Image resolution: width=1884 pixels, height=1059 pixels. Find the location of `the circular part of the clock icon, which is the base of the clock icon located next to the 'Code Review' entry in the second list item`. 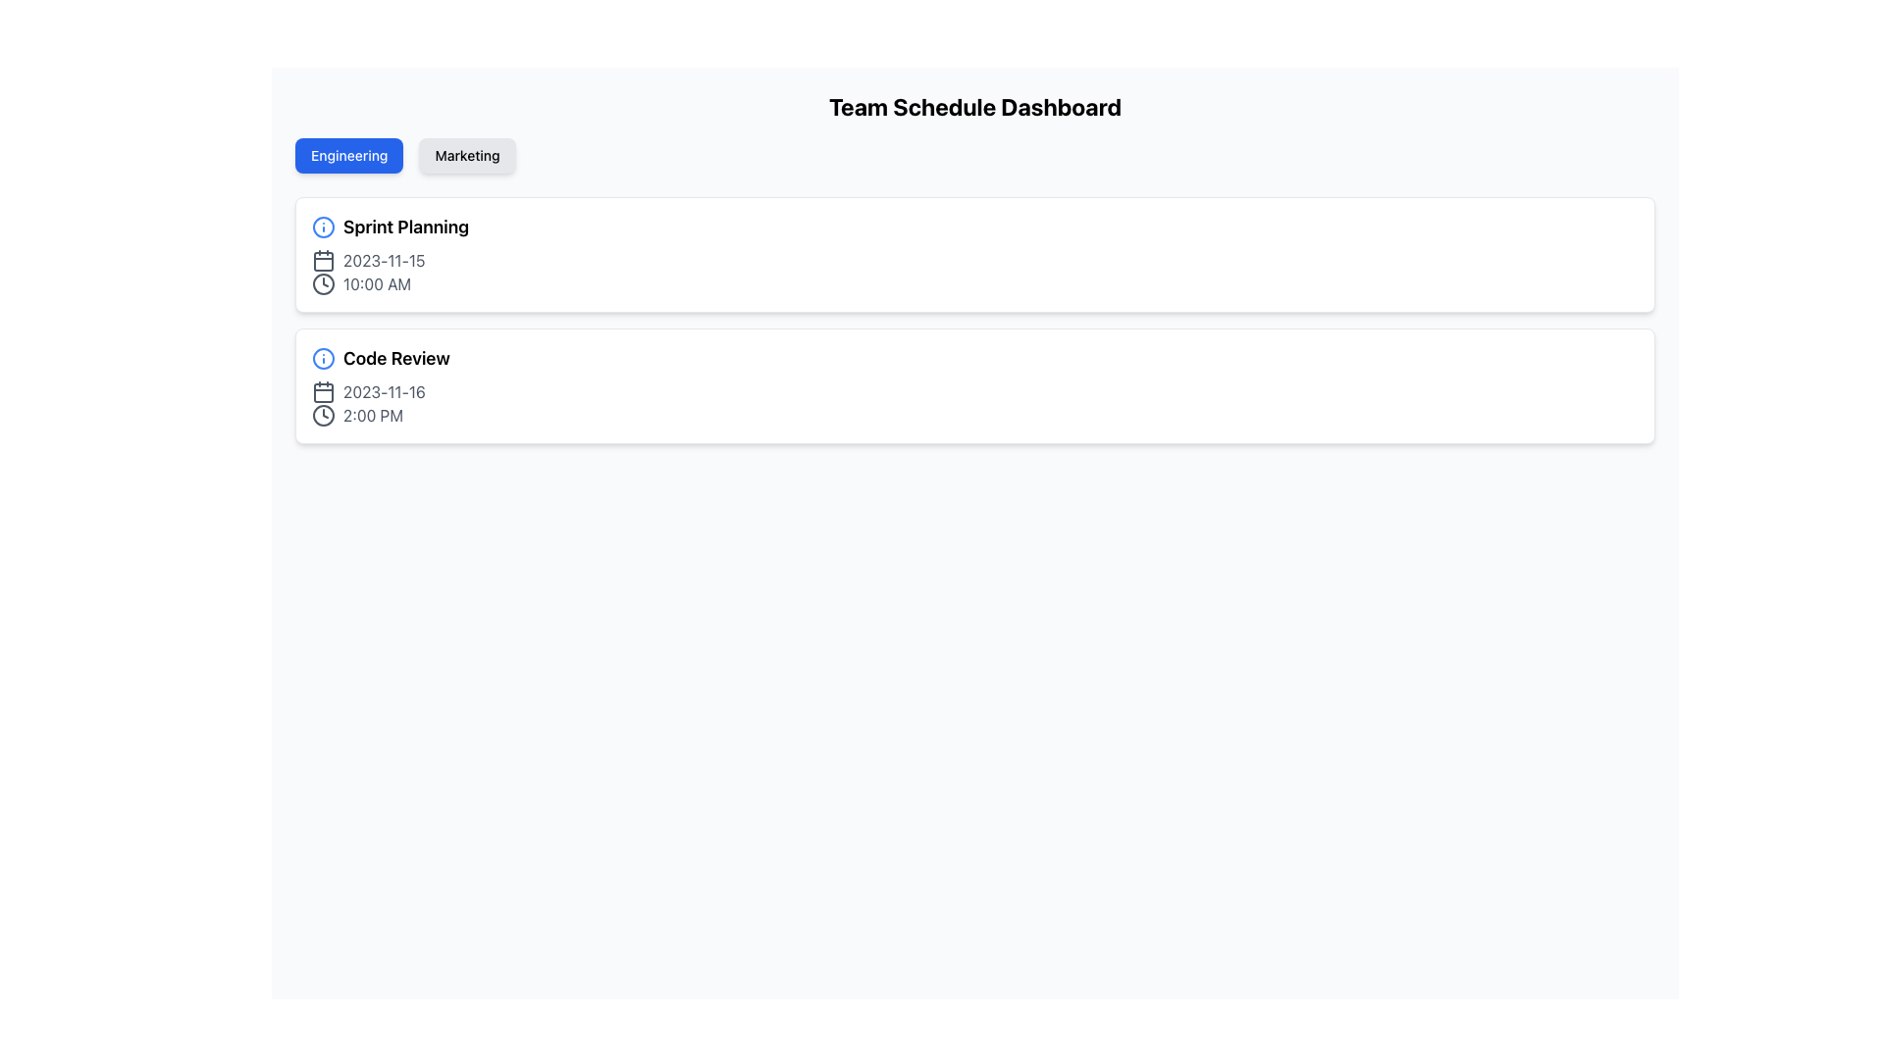

the circular part of the clock icon, which is the base of the clock icon located next to the 'Code Review' entry in the second list item is located at coordinates (324, 415).